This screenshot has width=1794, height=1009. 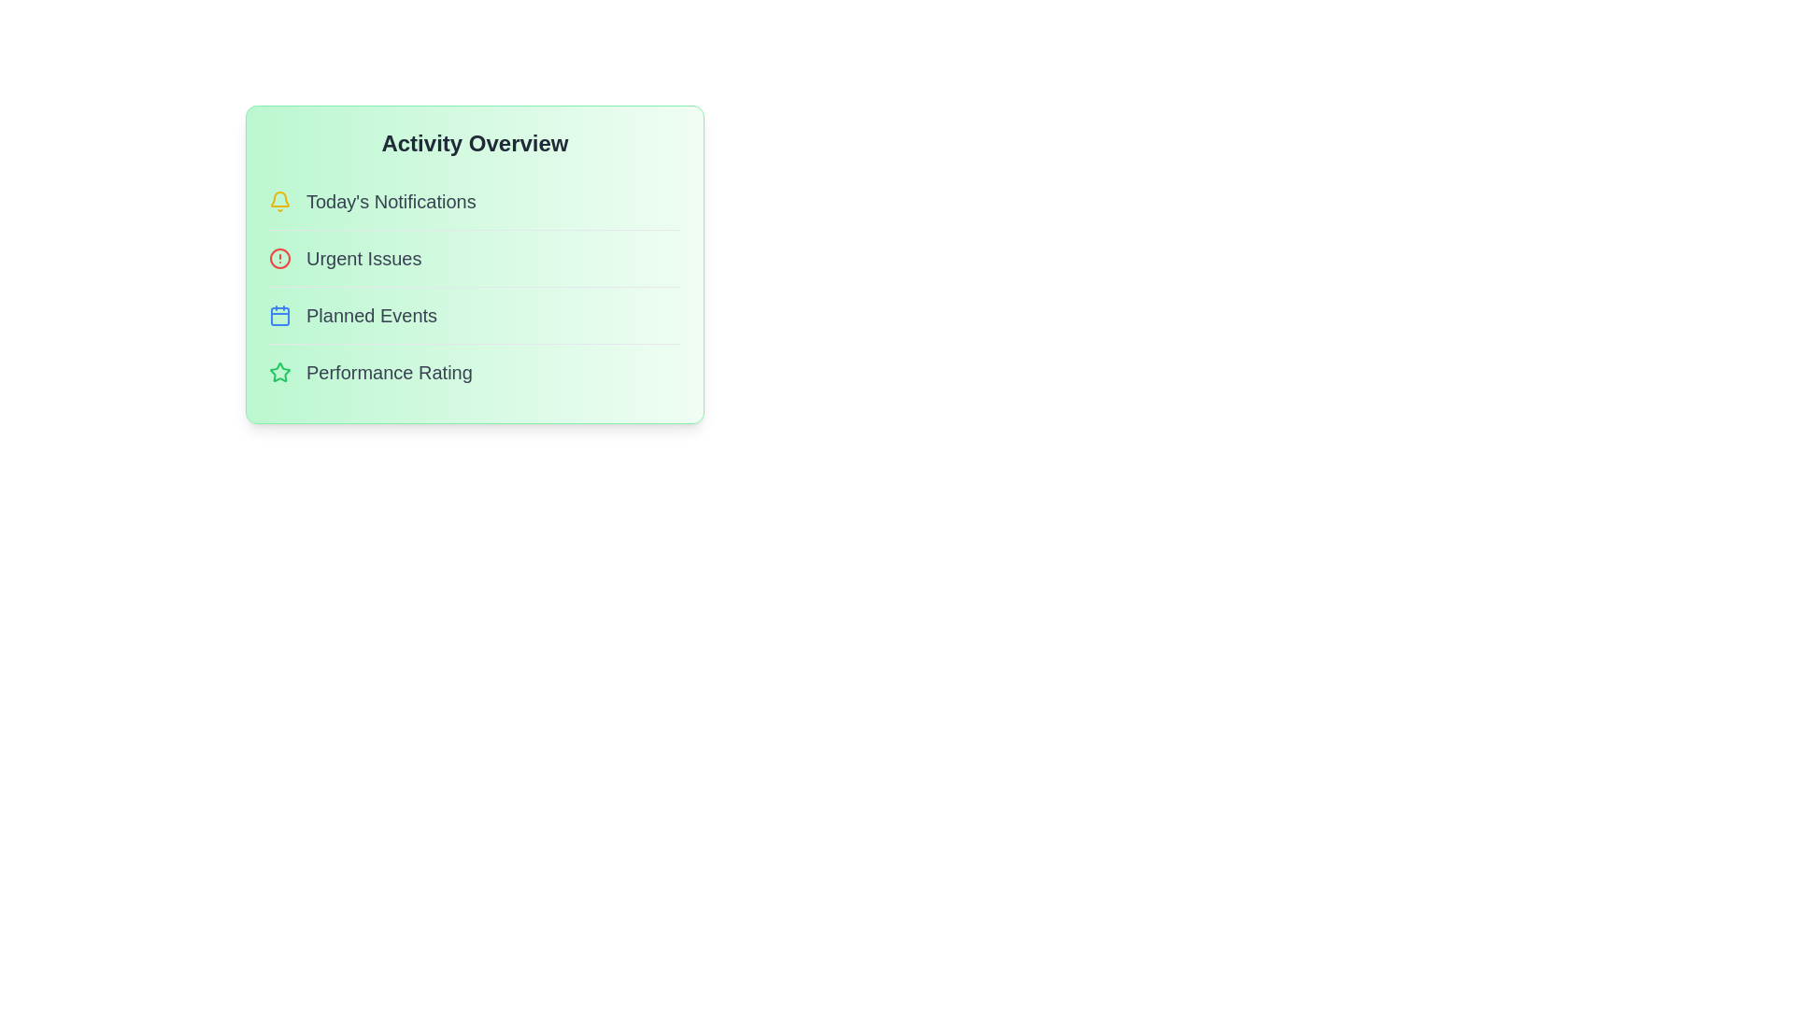 I want to click on the last row in the card interface labeled 'Performance Rating' to interact with it, so click(x=475, y=372).